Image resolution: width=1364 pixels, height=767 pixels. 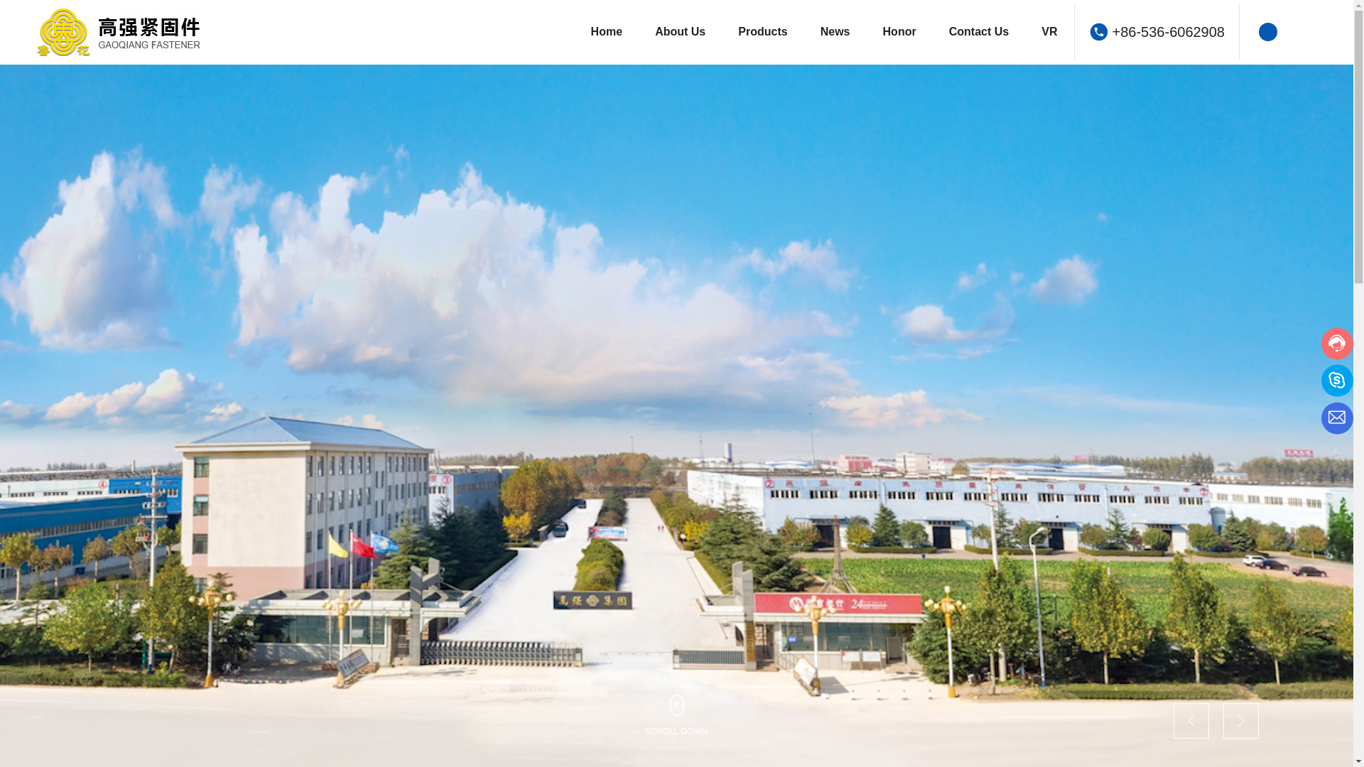 I want to click on '+86-536-6062908', so click(x=1111, y=32).